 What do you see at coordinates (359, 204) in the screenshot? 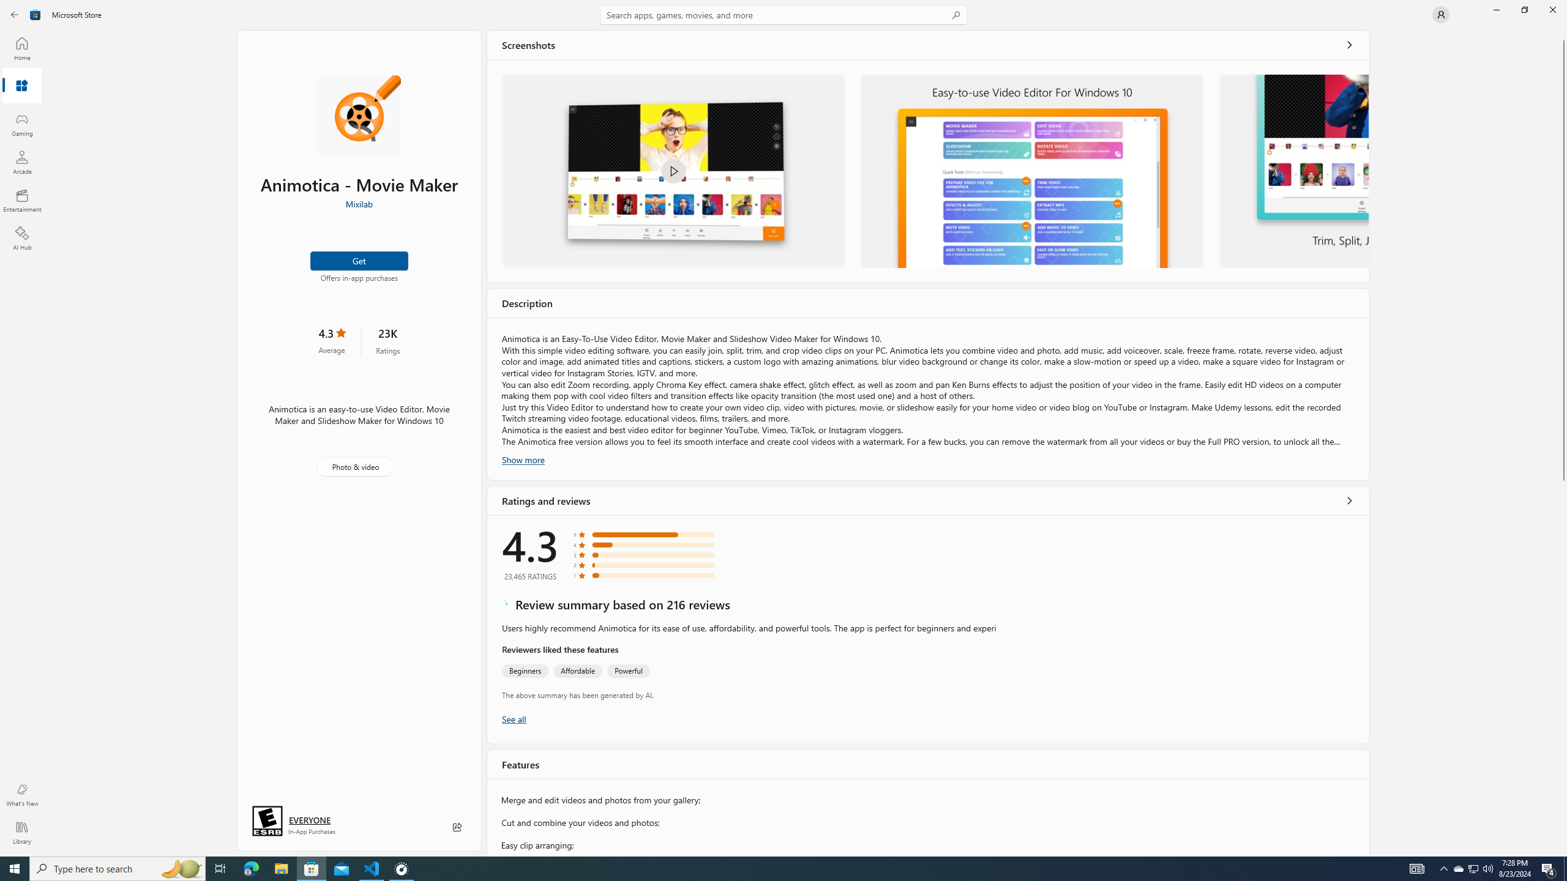
I see `'Mixilab'` at bounding box center [359, 204].